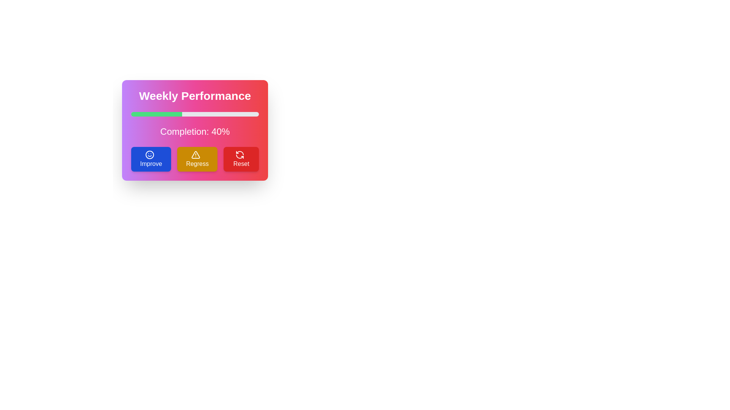 This screenshot has width=730, height=410. Describe the element at coordinates (197, 159) in the screenshot. I see `the 'Regress' button located between the 'Improve' button and the 'Reset' button, which triggers the regress action` at that location.